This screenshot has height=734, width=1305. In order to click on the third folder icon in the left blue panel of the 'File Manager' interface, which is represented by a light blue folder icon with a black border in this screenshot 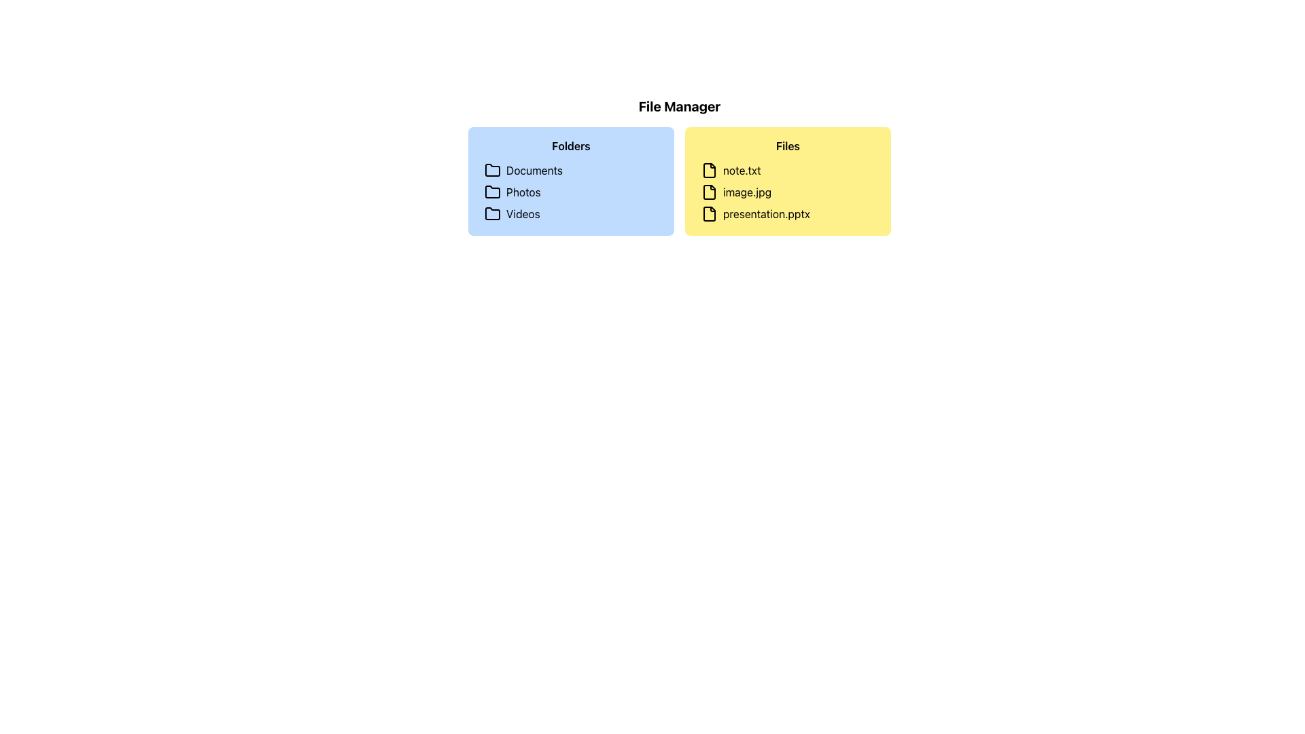, I will do `click(491, 213)`.